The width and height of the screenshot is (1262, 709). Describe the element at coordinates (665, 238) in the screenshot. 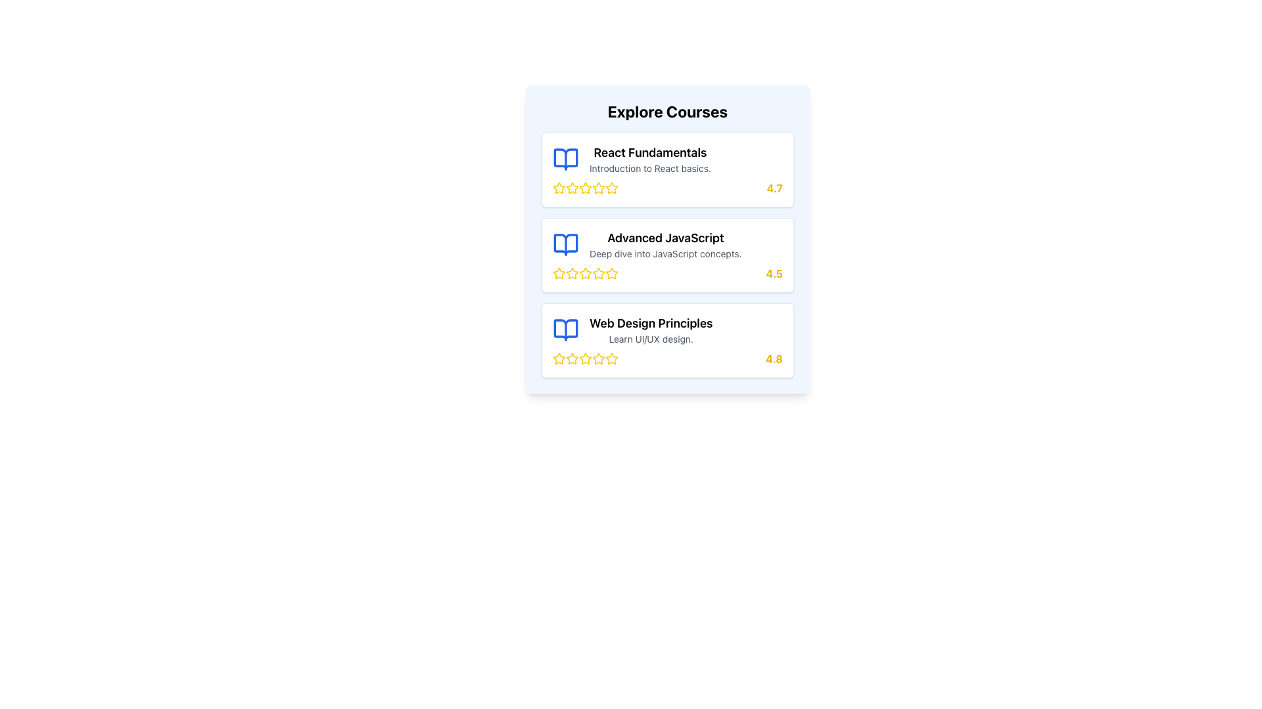

I see `the text element displaying the title 'Advanced JavaScript', which is styled in bold and larger size, located centrally in the second course item of a vertical list` at that location.